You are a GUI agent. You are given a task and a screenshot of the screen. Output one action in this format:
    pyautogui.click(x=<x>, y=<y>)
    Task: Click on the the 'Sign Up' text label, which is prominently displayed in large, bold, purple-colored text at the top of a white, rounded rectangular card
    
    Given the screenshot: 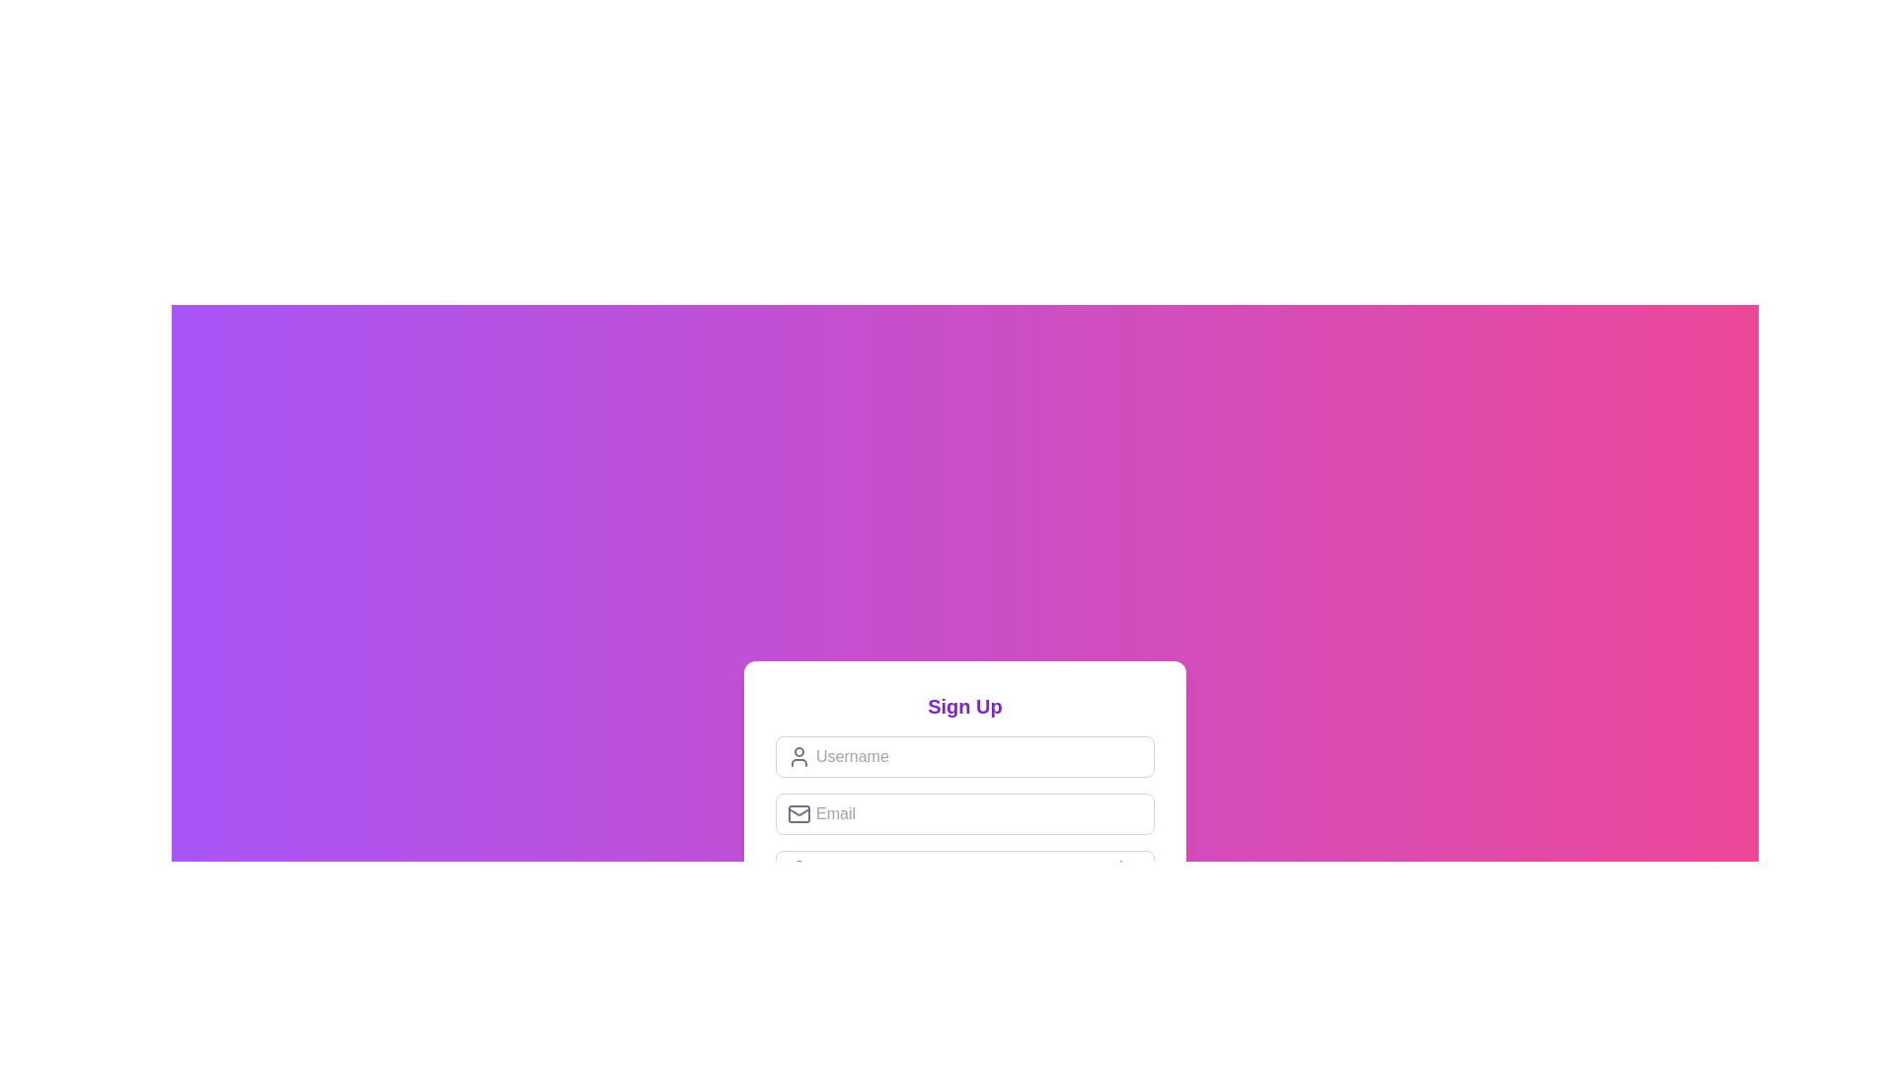 What is the action you would take?
    pyautogui.click(x=965, y=706)
    